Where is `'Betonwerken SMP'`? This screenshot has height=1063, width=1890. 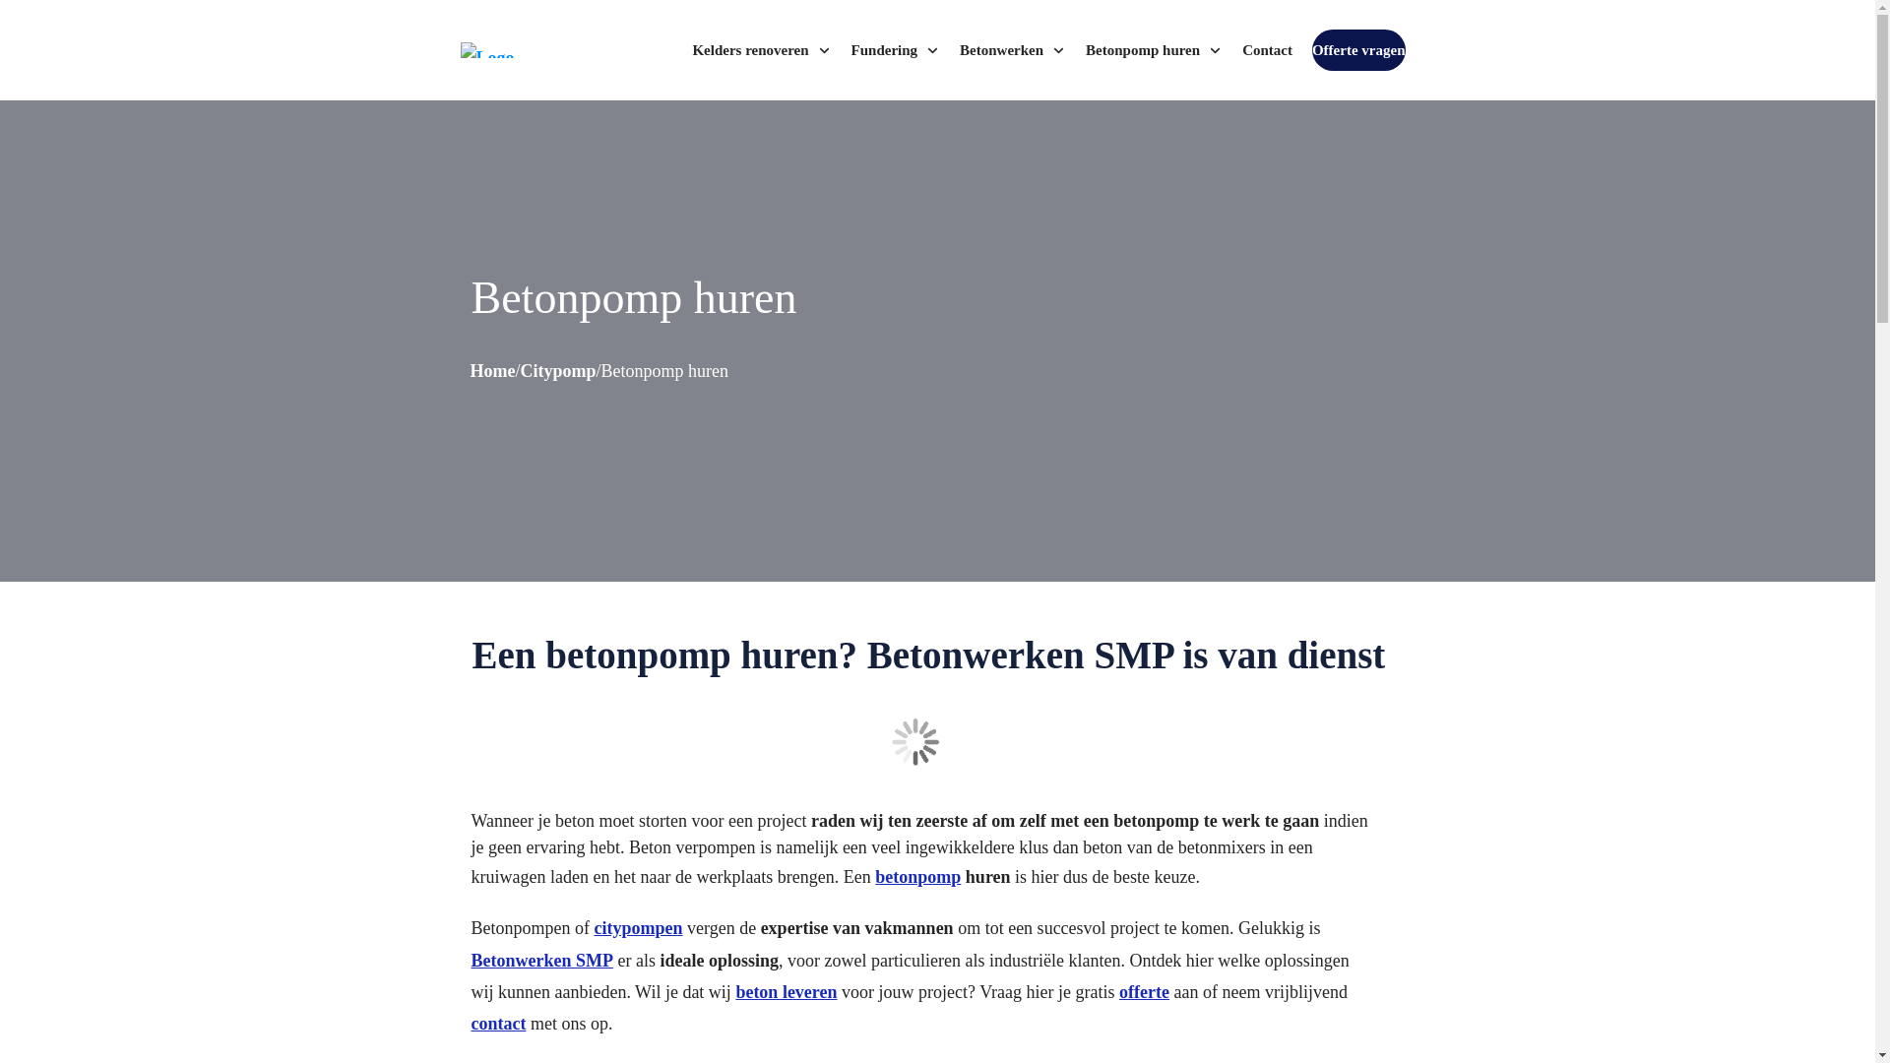 'Betonwerken SMP' is located at coordinates (541, 959).